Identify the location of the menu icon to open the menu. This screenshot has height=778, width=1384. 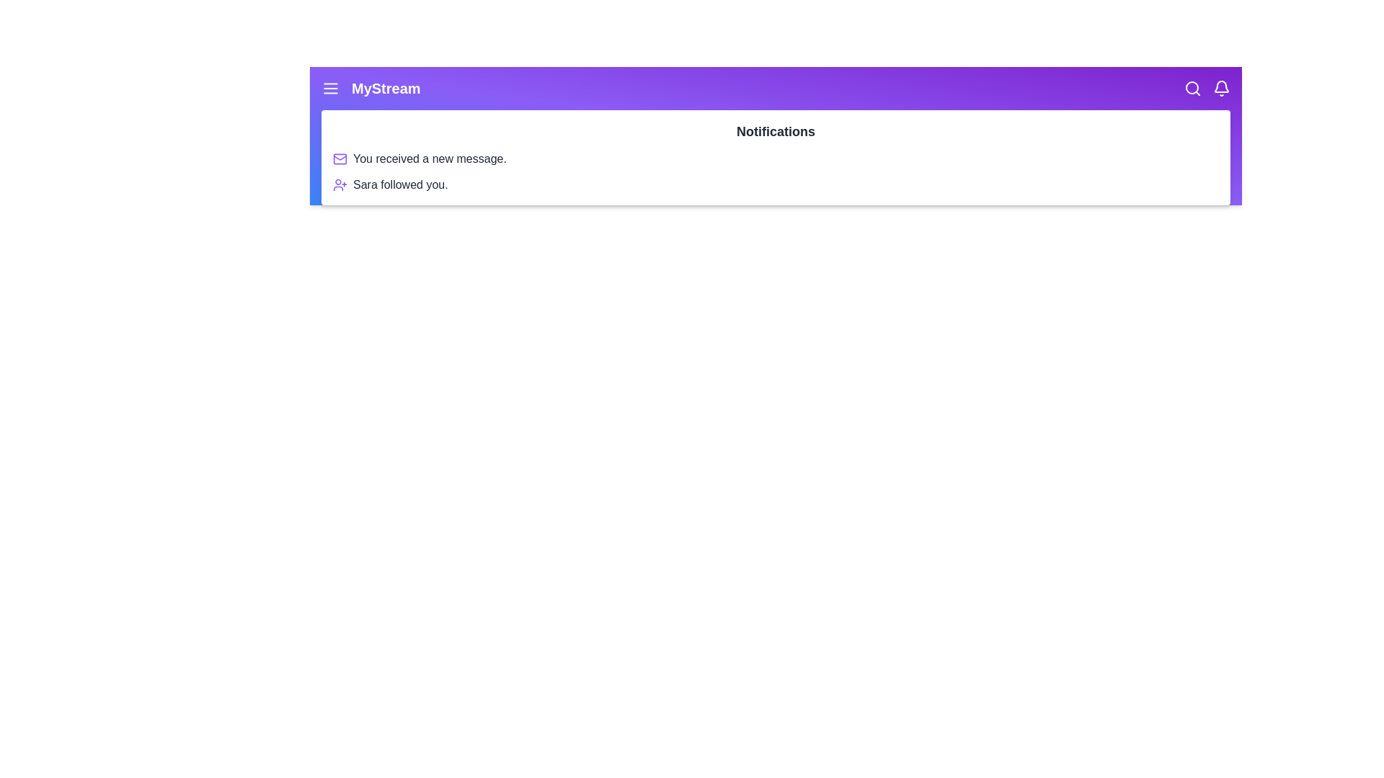
(330, 89).